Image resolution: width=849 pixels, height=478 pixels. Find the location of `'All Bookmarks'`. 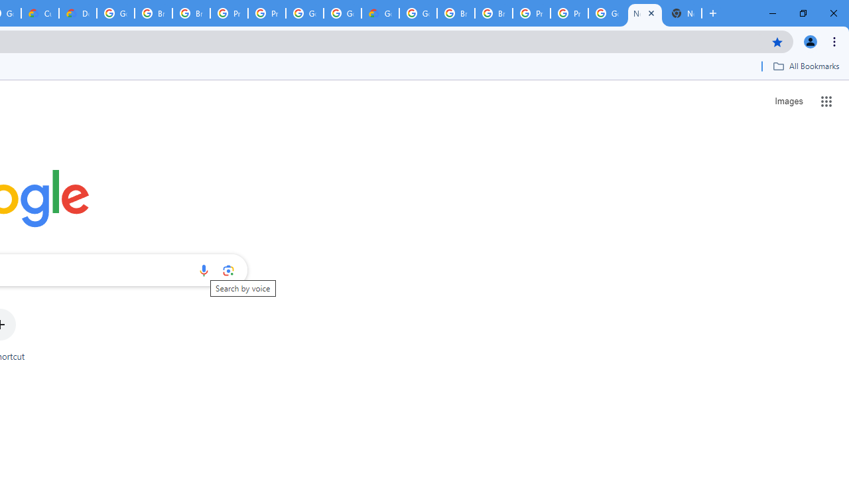

'All Bookmarks' is located at coordinates (805, 66).